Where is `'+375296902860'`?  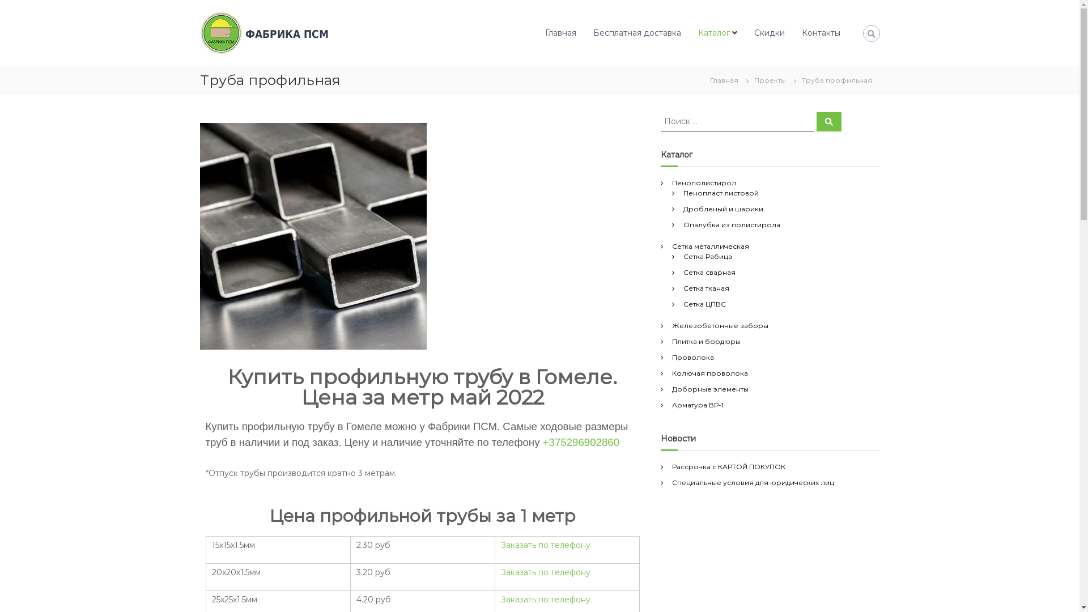 '+375296902860' is located at coordinates (542, 441).